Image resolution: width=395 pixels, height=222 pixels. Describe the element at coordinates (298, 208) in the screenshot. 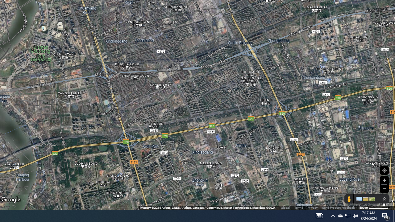

I see `'Terms'` at that location.